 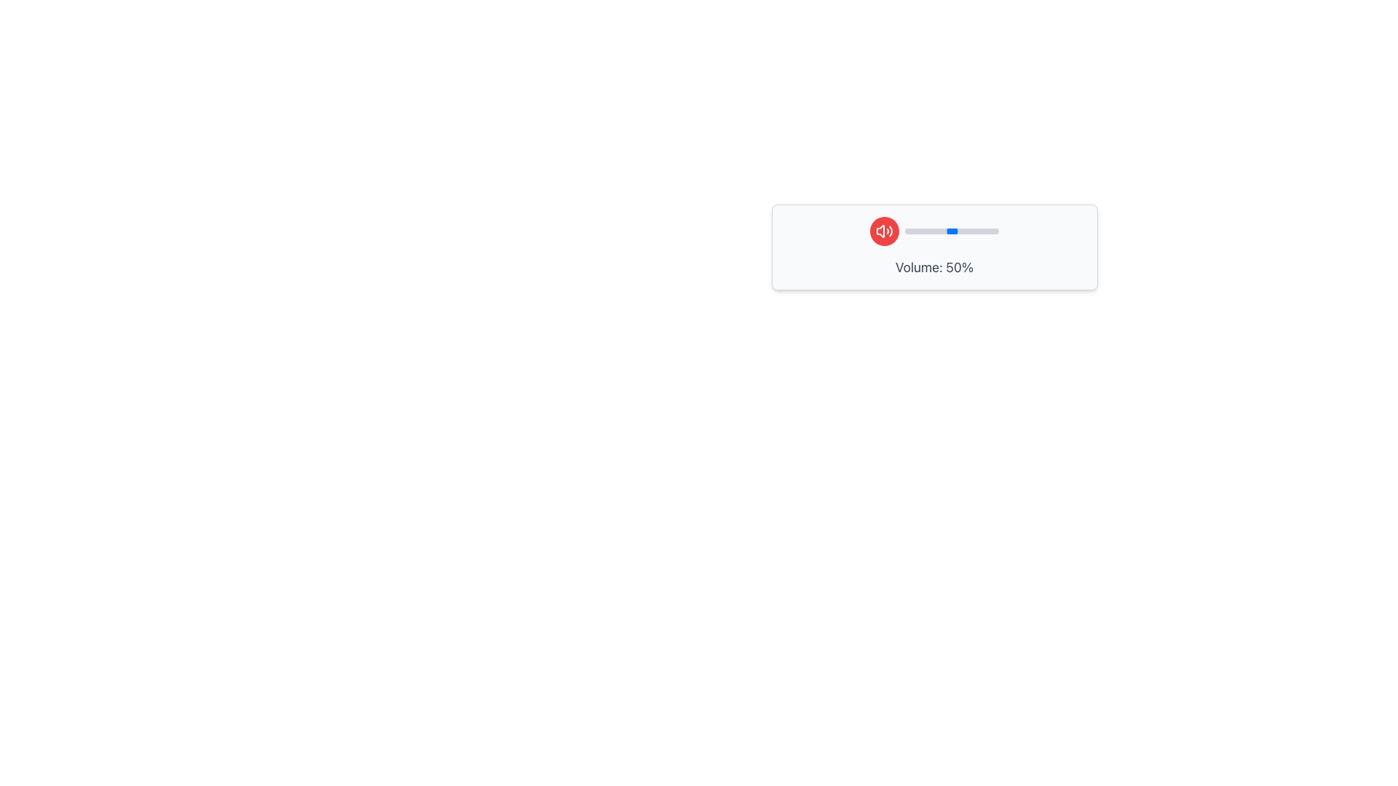 What do you see at coordinates (883, 230) in the screenshot?
I see `the audio toggle button located to the left of the 'Volume: 50%' slider` at bounding box center [883, 230].